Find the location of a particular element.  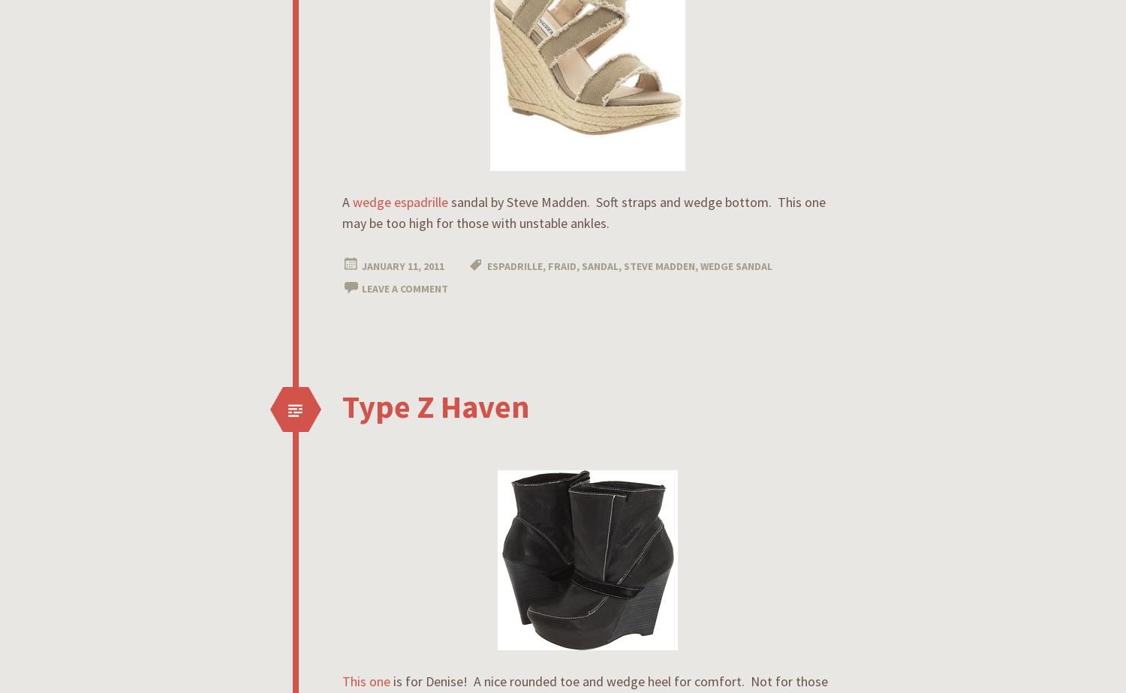

'Type Z Haven' is located at coordinates (342, 406).